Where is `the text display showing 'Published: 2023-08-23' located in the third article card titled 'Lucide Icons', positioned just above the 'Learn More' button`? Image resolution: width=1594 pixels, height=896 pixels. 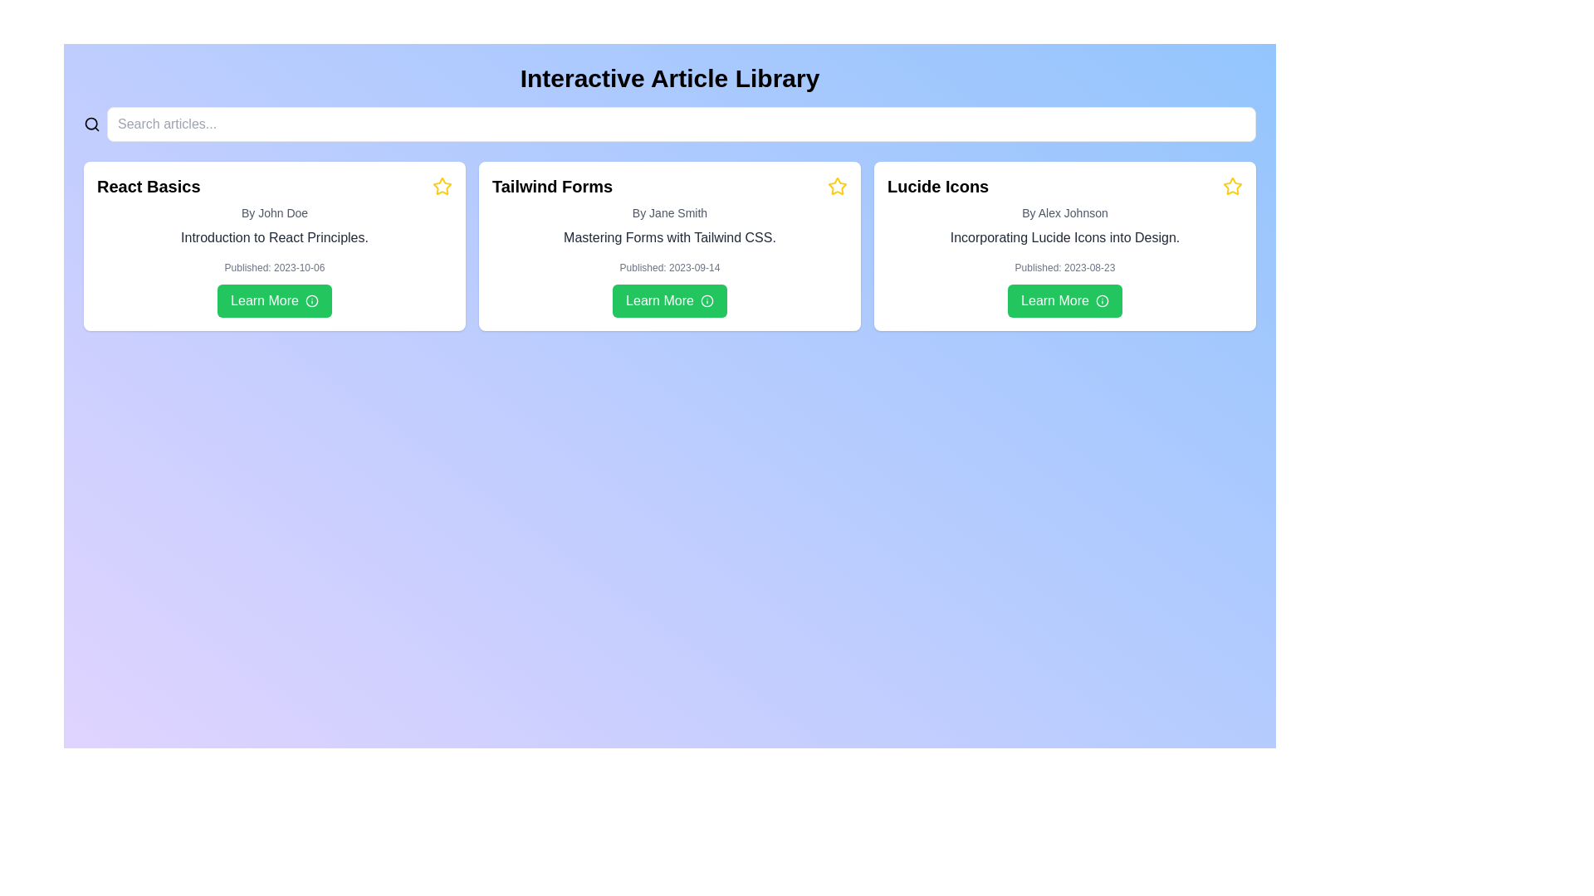
the text display showing 'Published: 2023-08-23' located in the third article card titled 'Lucide Icons', positioned just above the 'Learn More' button is located at coordinates (1064, 267).